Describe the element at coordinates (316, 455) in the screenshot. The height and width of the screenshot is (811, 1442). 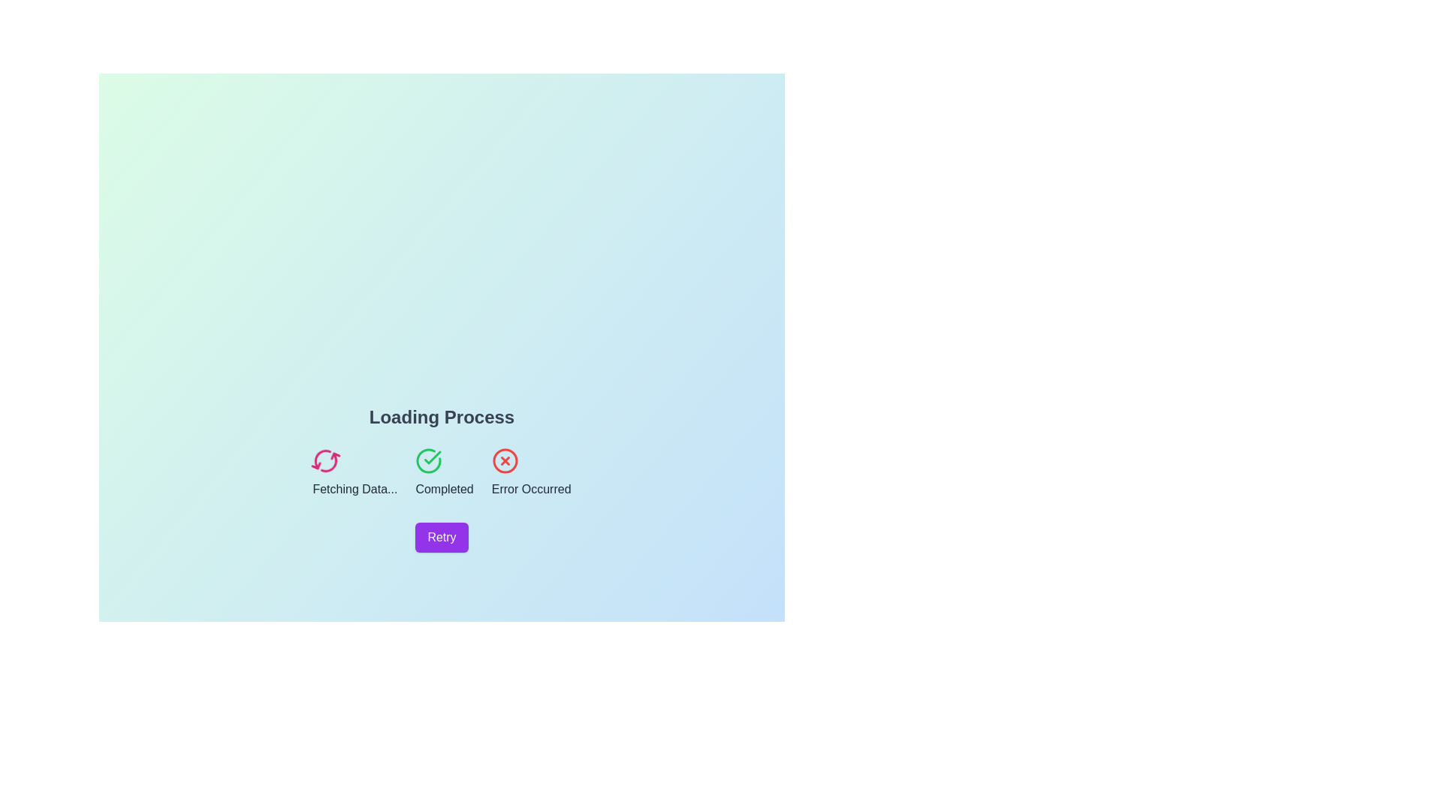
I see `the refresh icon graphic, which represents a refresh or retry action, located on the left side of the loading status indicators` at that location.